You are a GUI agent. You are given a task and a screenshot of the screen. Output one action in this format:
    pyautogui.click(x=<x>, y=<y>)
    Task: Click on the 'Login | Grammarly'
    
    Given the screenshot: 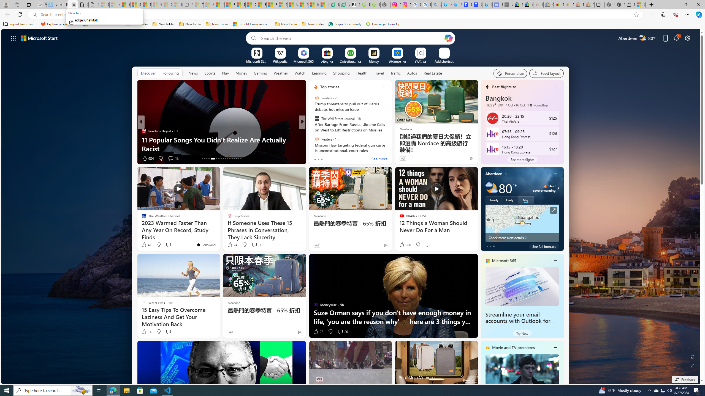 What is the action you would take?
    pyautogui.click(x=345, y=24)
    